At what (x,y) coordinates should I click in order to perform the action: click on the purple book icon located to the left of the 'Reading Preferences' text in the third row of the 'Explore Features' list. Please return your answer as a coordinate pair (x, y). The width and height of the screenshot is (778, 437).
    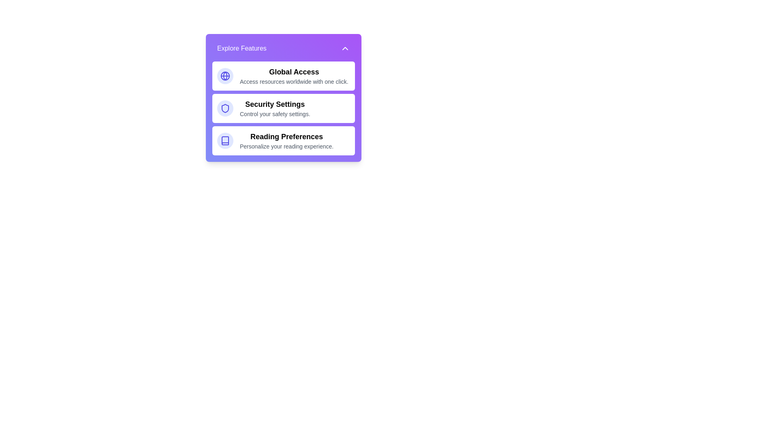
    Looking at the image, I should click on (225, 140).